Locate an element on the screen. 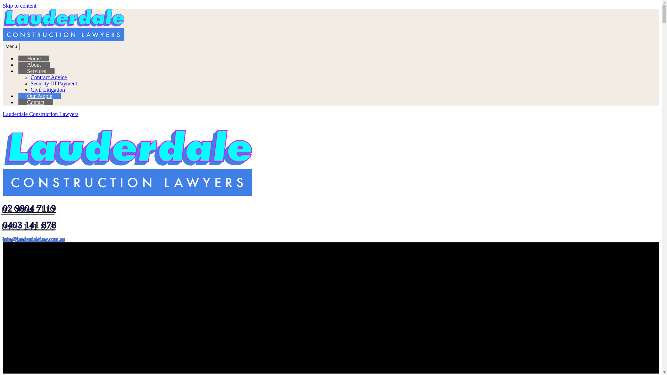 This screenshot has height=375, width=667. 'About' is located at coordinates (18, 65).